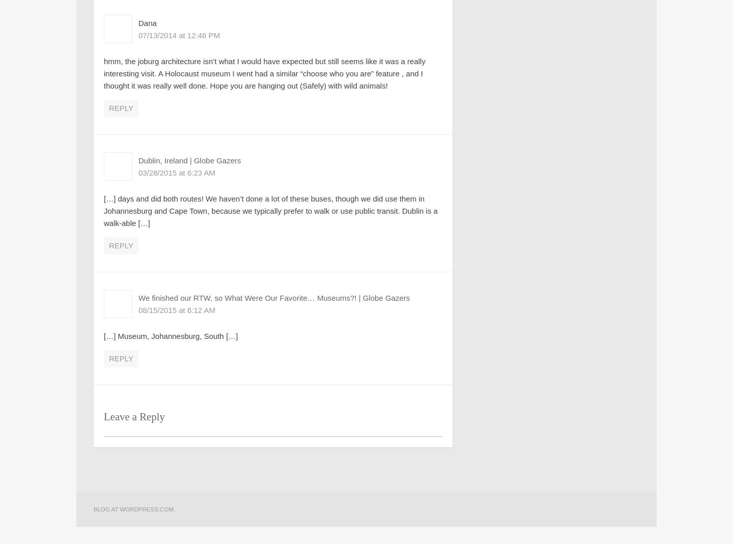 This screenshot has height=544, width=733. What do you see at coordinates (273, 298) in the screenshot?
I see `'We finished our RTW, so What Were Our Favorite… Museums?! | Globe Gazers'` at bounding box center [273, 298].